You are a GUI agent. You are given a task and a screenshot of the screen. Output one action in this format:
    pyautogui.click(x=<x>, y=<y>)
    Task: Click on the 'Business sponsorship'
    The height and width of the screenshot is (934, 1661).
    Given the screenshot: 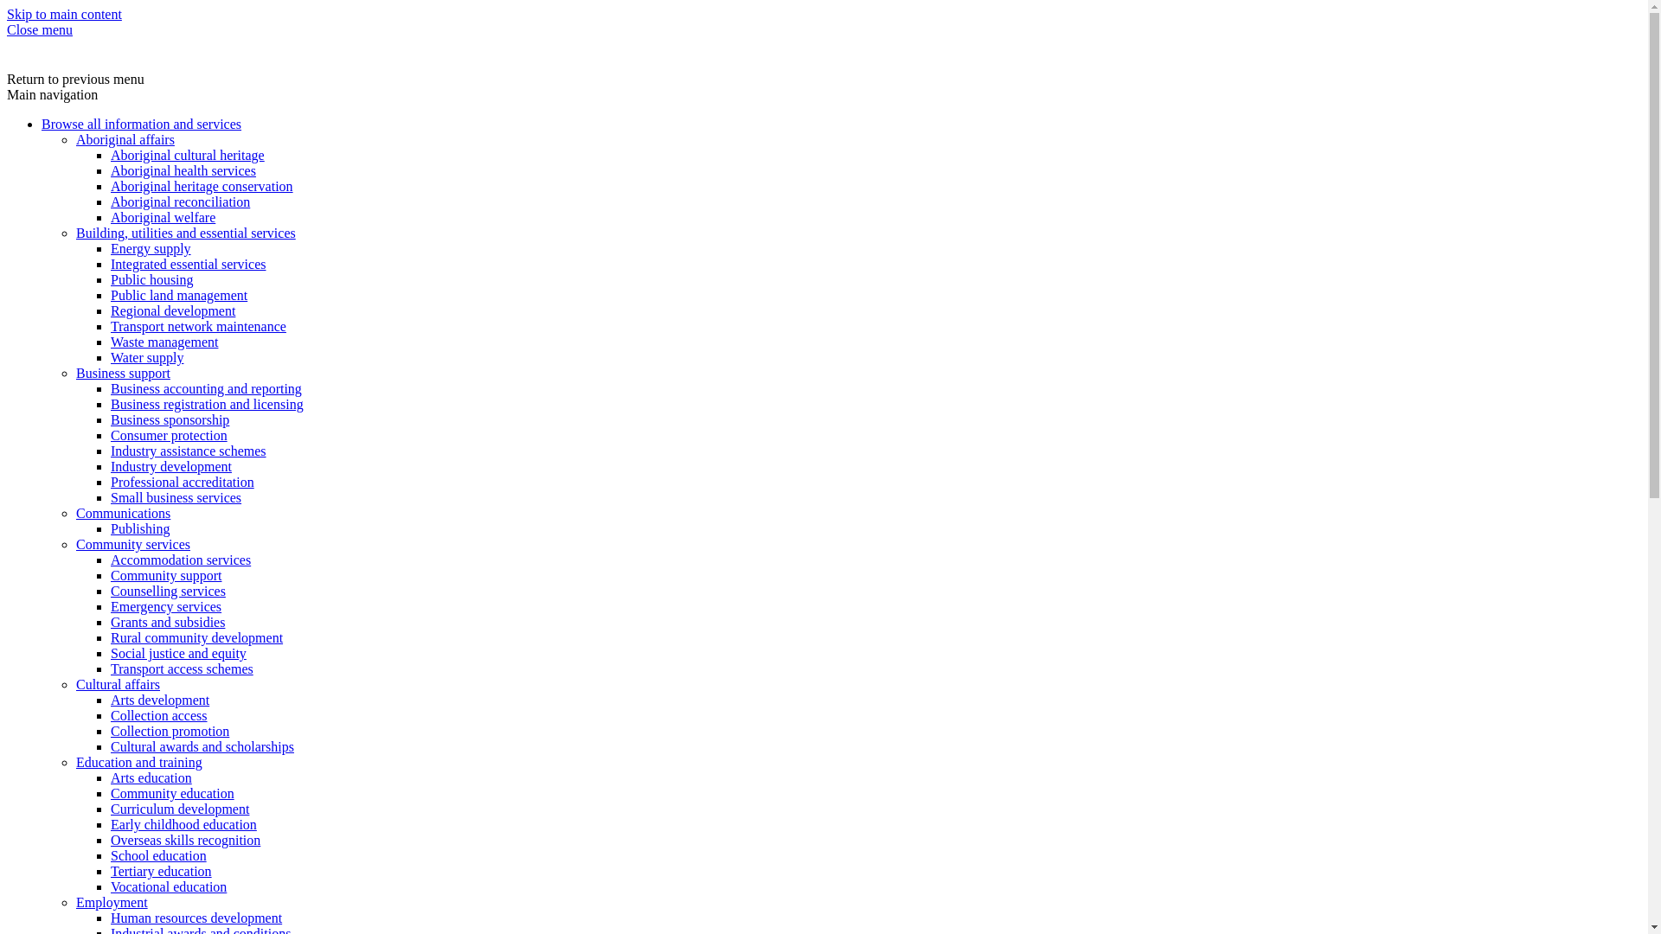 What is the action you would take?
    pyautogui.click(x=110, y=419)
    